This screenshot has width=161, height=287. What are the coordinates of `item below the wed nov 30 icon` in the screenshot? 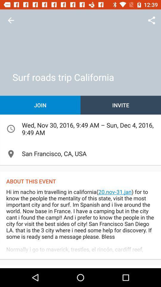 It's located at (80, 154).